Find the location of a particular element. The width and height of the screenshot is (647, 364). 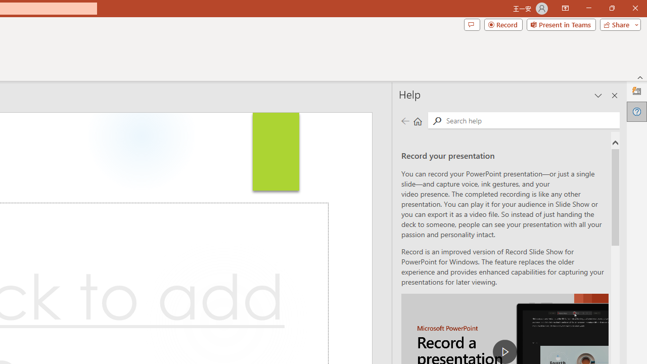

'Search' is located at coordinates (530, 119).